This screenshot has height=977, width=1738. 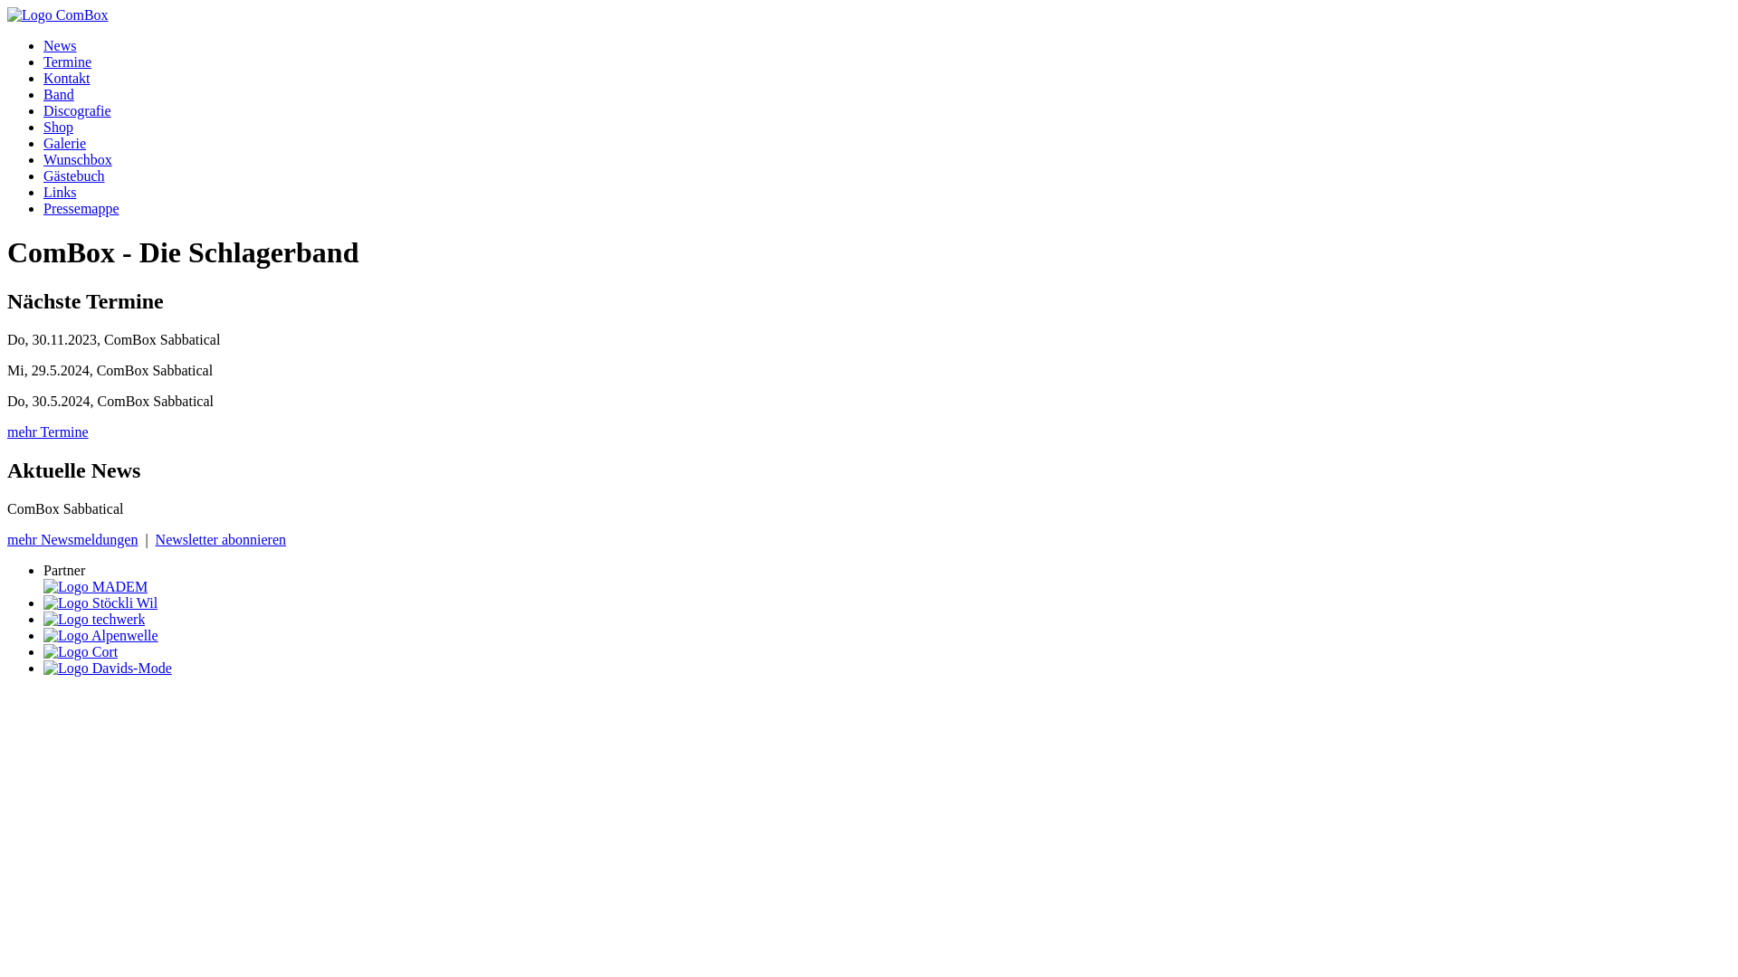 I want to click on 'News', so click(x=60, y=44).